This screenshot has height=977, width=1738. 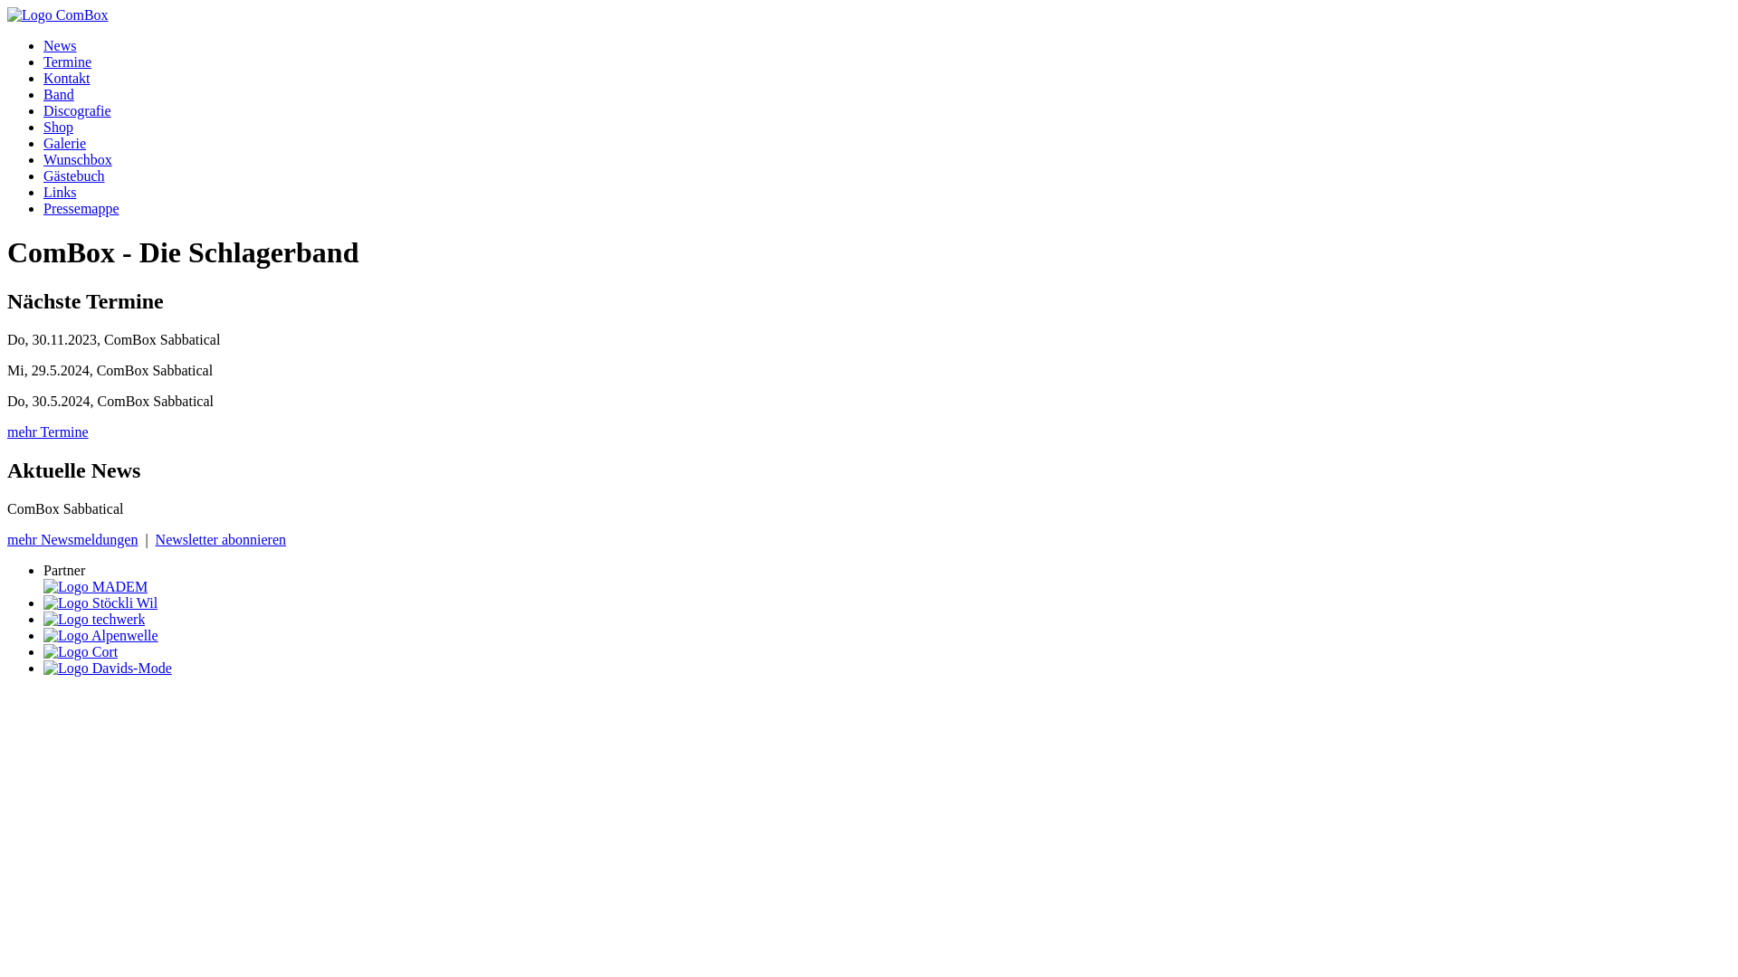 I want to click on 'News', so click(x=60, y=44).